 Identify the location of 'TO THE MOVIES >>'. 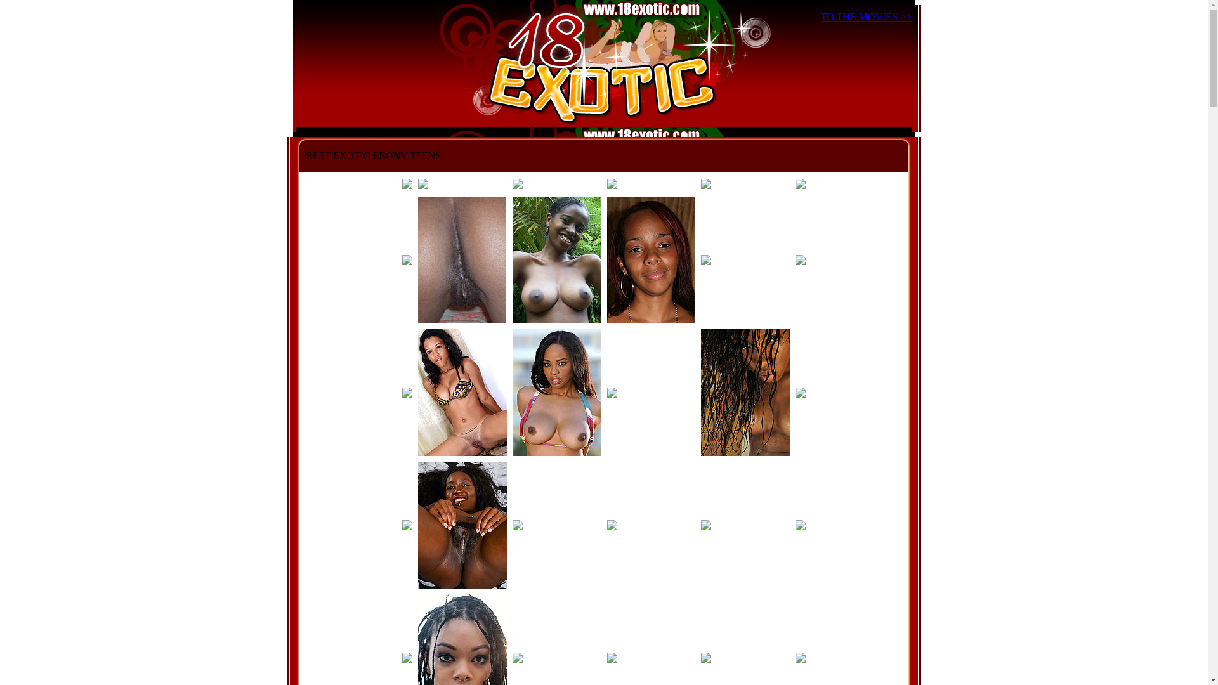
(865, 16).